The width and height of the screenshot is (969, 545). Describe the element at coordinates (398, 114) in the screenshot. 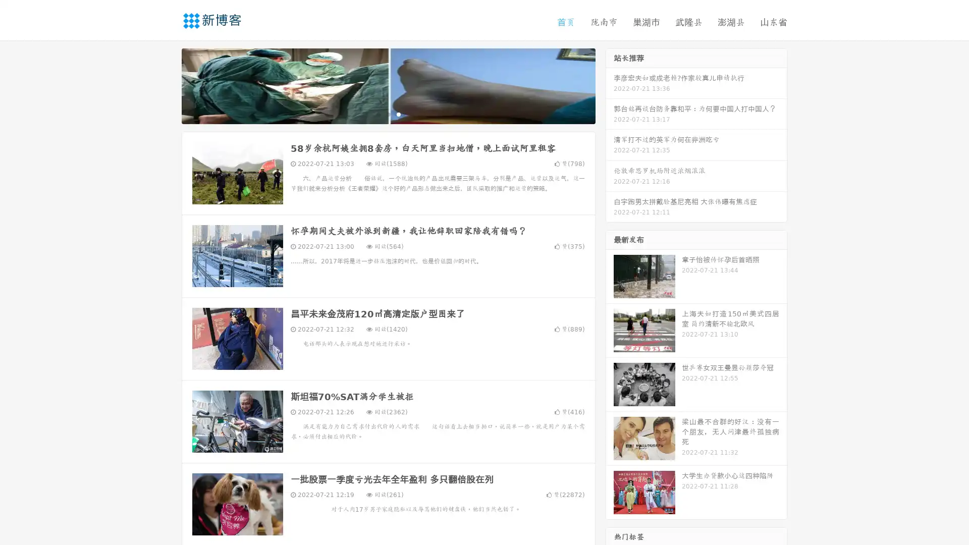

I see `Go to slide 3` at that location.